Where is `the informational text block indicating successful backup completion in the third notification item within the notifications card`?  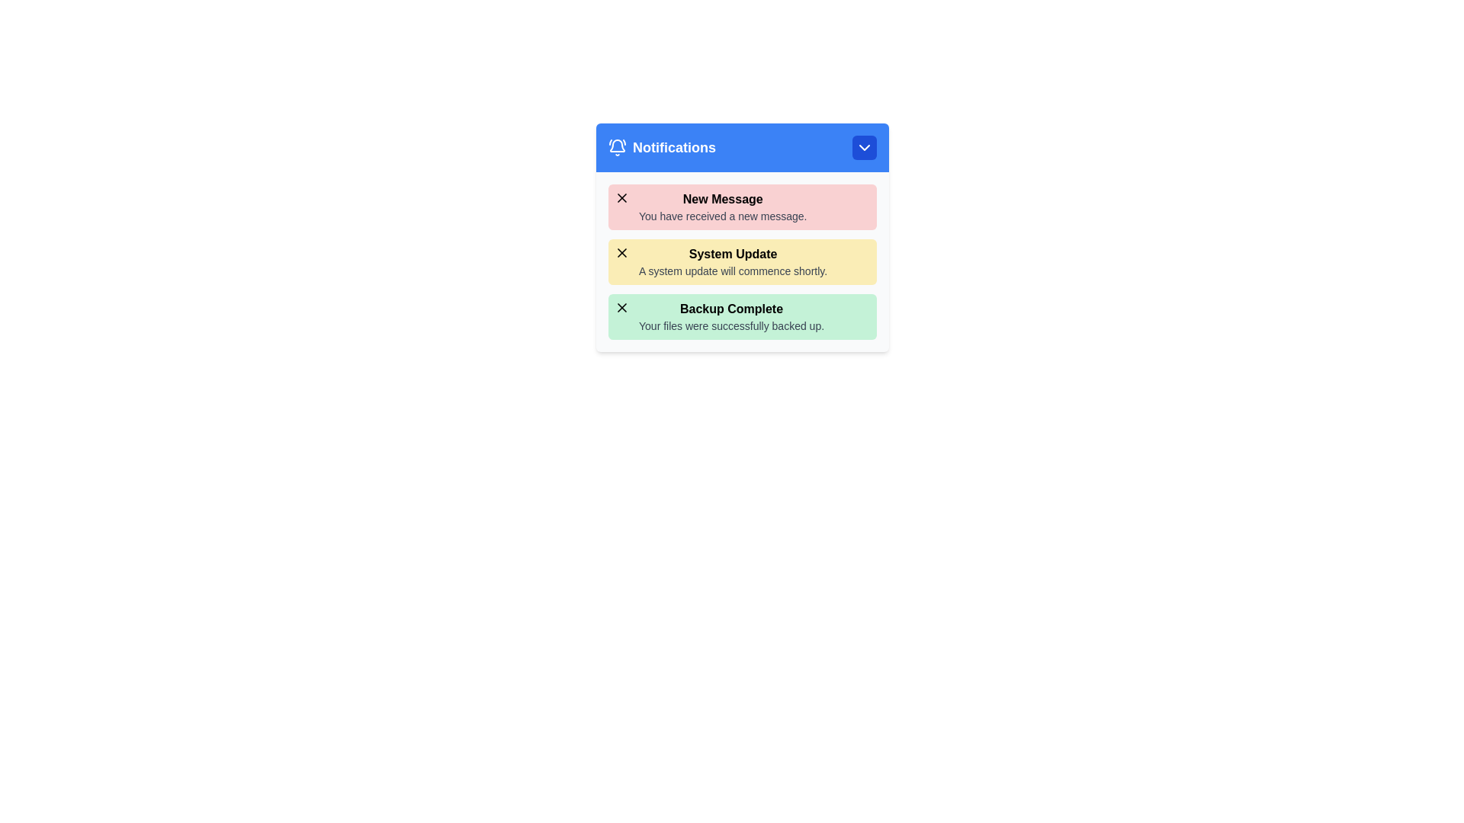
the informational text block indicating successful backup completion in the third notification item within the notifications card is located at coordinates (730, 316).